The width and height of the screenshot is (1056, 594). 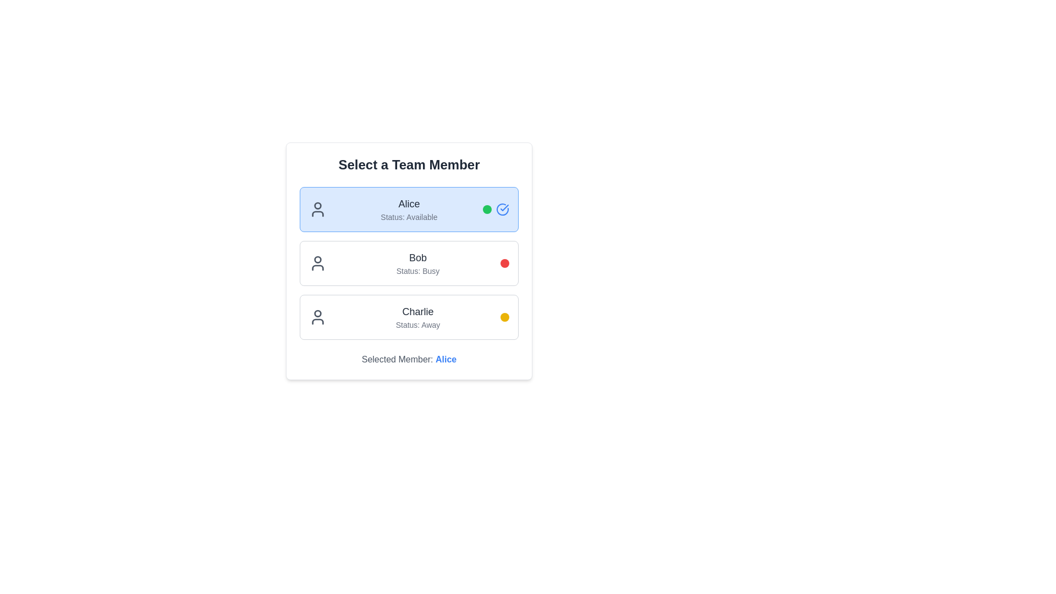 What do you see at coordinates (409, 263) in the screenshot?
I see `the Selectable Button Panel for 'Bob', which is the second option in the team members' availability list` at bounding box center [409, 263].